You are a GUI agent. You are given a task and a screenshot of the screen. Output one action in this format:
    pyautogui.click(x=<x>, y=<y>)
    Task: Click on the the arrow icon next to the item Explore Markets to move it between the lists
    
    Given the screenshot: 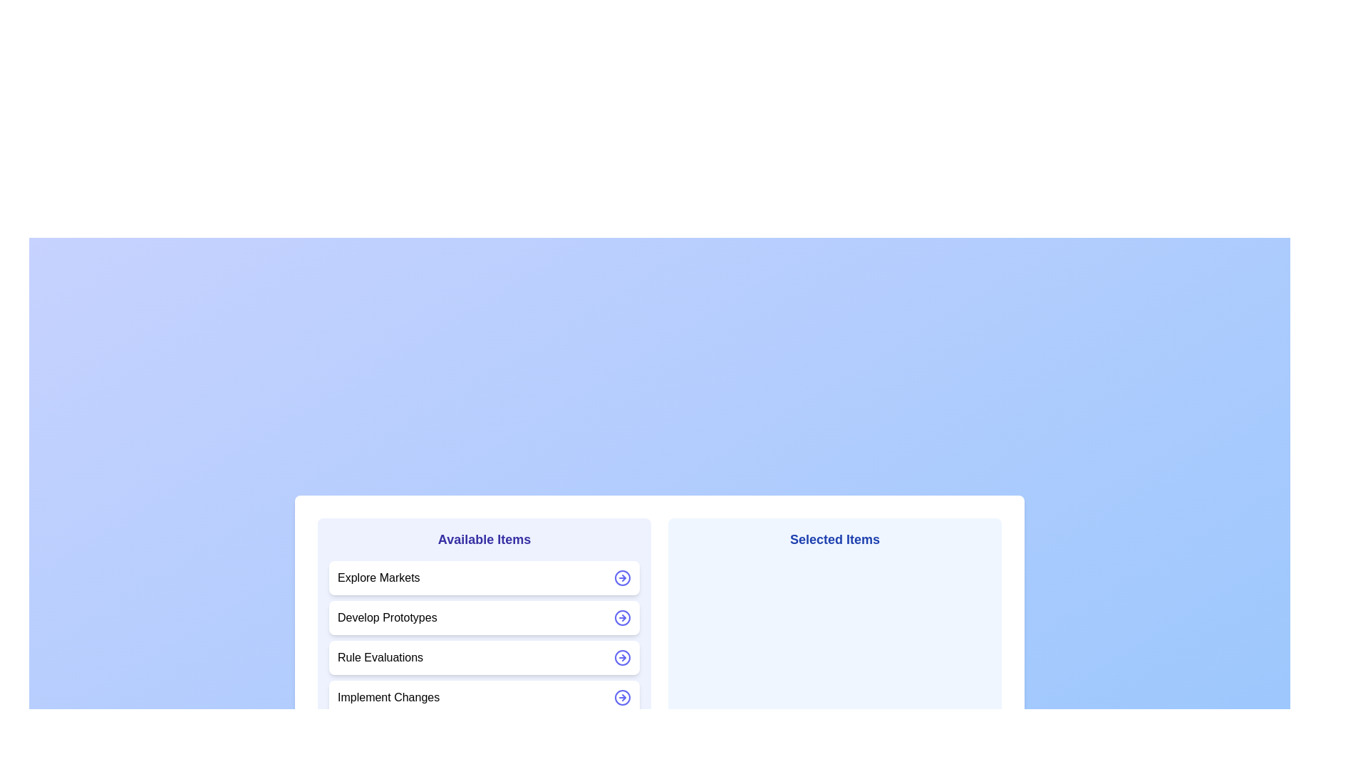 What is the action you would take?
    pyautogui.click(x=622, y=578)
    